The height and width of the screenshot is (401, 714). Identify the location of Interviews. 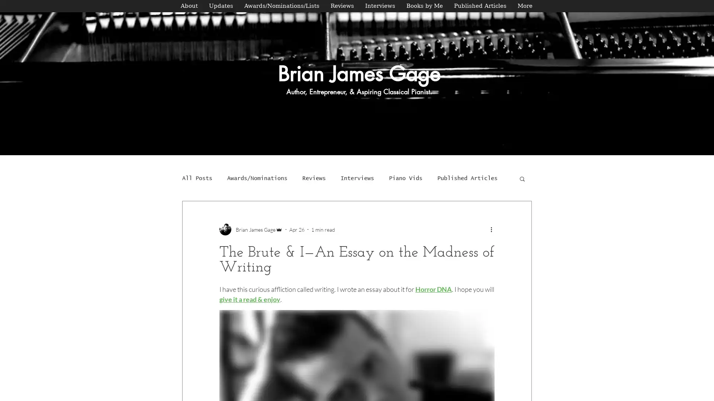
(357, 179).